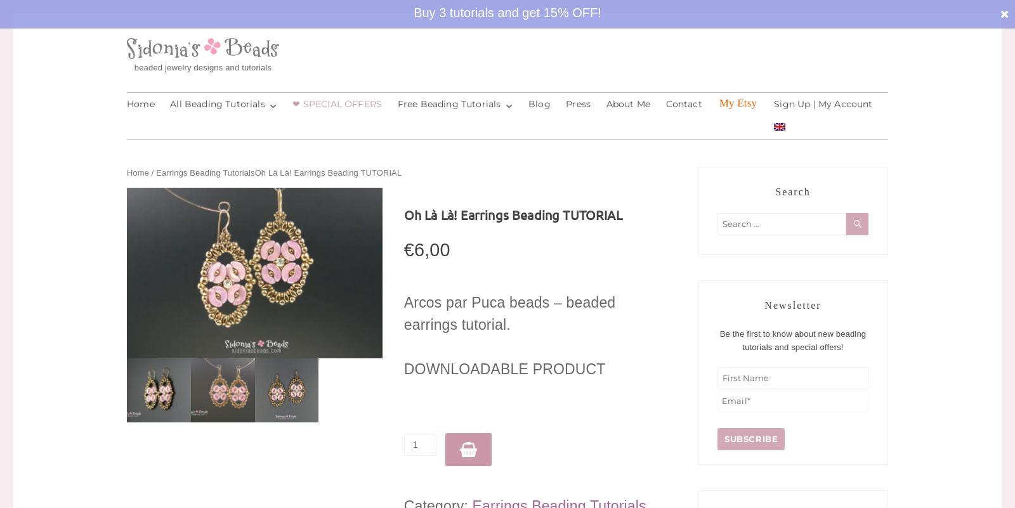 Image resolution: width=1015 pixels, height=508 pixels. Describe the element at coordinates (792, 304) in the screenshot. I see `'Newsletter'` at that location.